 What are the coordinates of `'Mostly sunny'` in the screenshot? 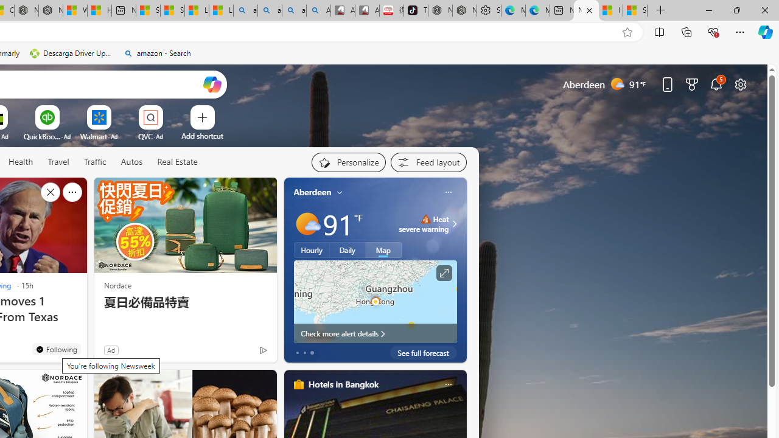 It's located at (307, 224).